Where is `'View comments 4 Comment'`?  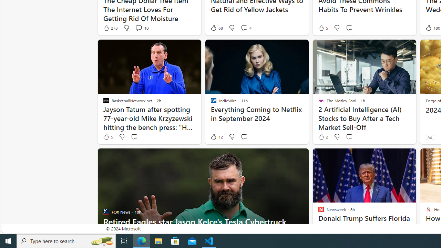 'View comments 4 Comment' is located at coordinates (244, 28).